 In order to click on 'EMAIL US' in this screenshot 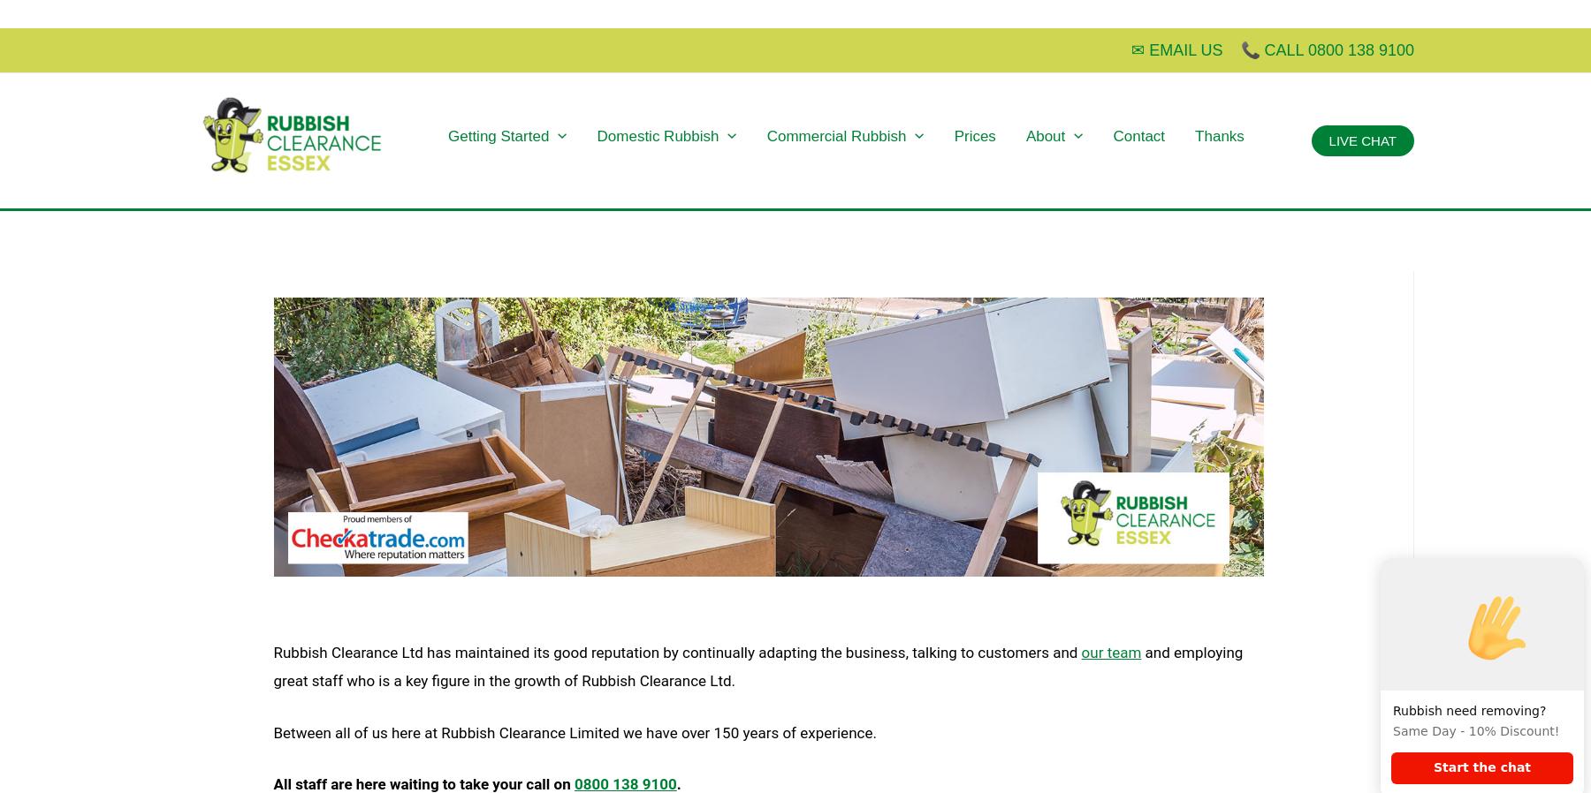, I will do `click(1185, 49)`.